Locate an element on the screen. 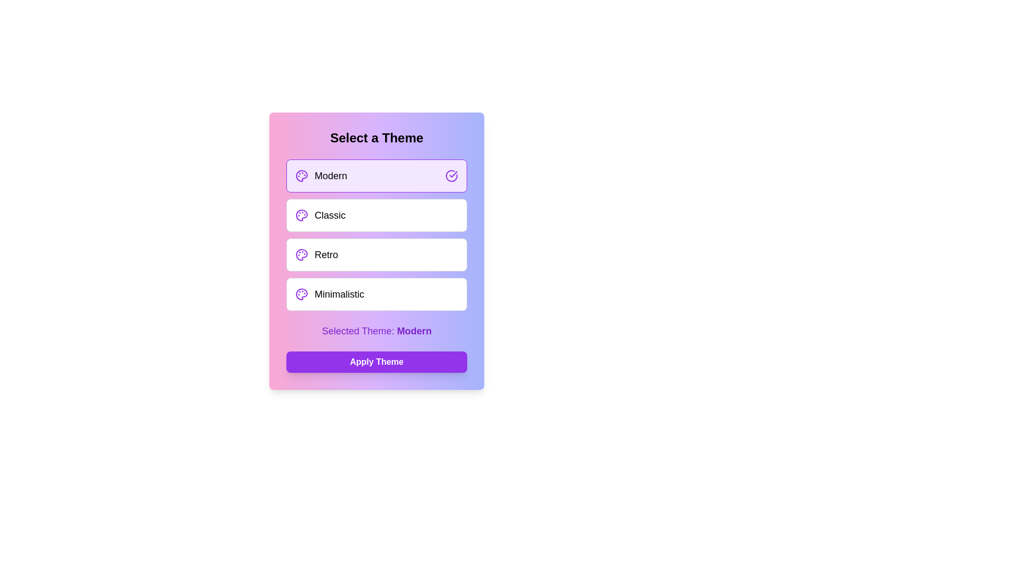  the non-interactive label indicating the selected theme, specifically the text 'Modern' is located at coordinates (413, 331).